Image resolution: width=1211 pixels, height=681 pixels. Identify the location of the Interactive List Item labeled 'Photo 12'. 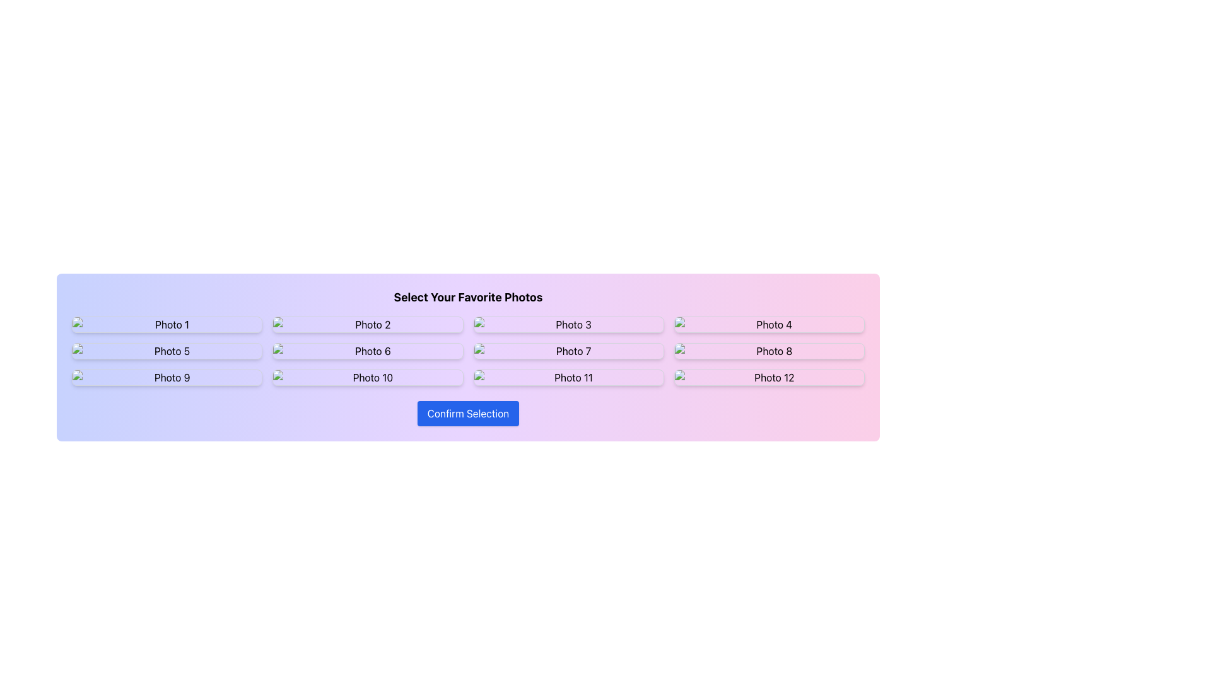
(768, 376).